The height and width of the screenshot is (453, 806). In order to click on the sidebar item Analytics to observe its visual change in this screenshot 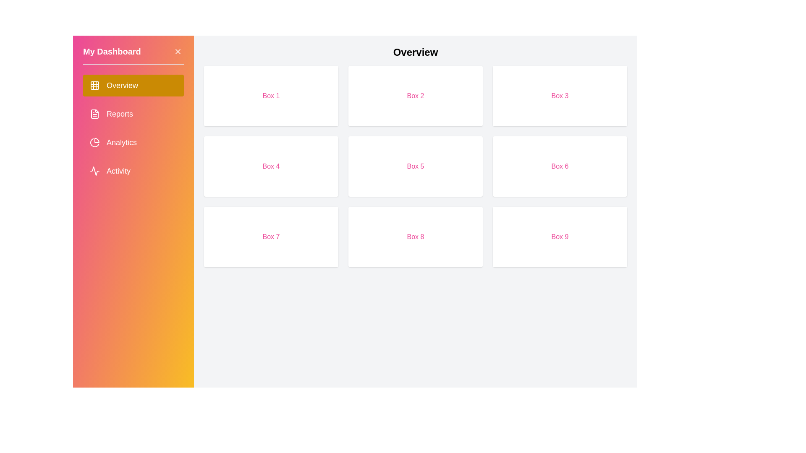, I will do `click(133, 142)`.